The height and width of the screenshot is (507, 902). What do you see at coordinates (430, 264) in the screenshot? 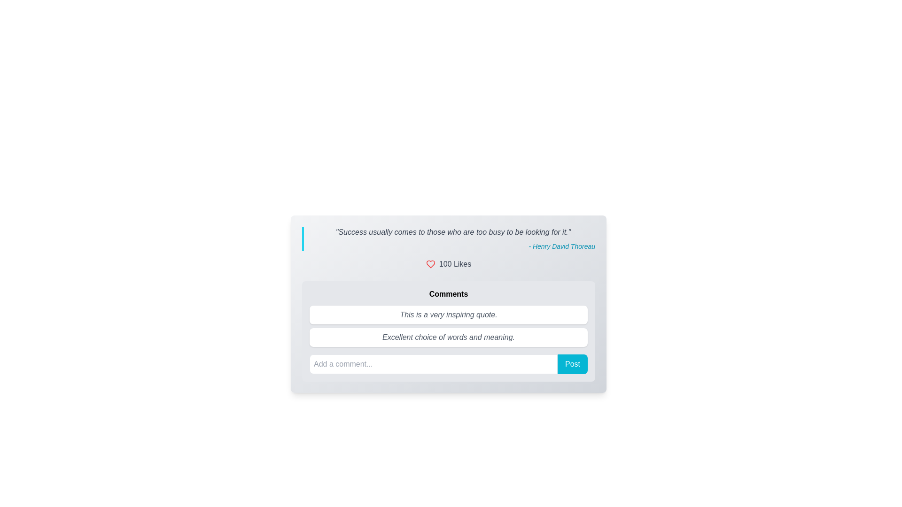
I see `the heart-shaped red icon located to the left of the '100 Likes' text to register a like` at bounding box center [430, 264].